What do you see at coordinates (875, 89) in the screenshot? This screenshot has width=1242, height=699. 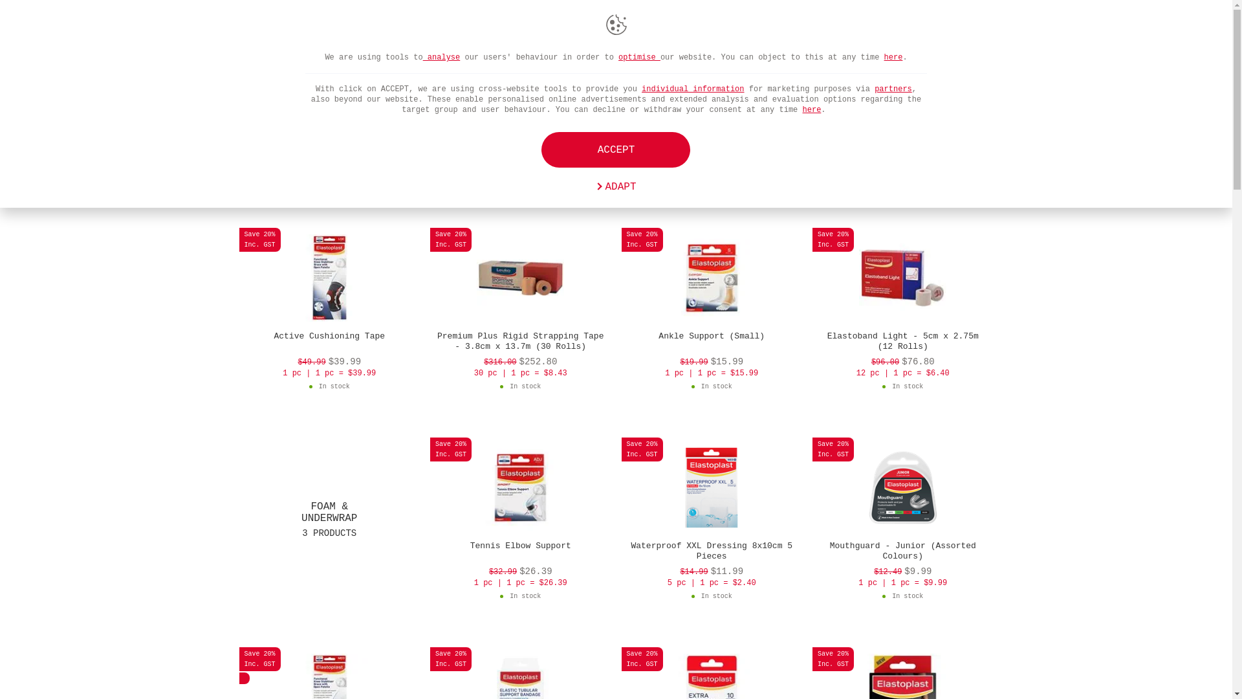 I see `'partners'` at bounding box center [875, 89].